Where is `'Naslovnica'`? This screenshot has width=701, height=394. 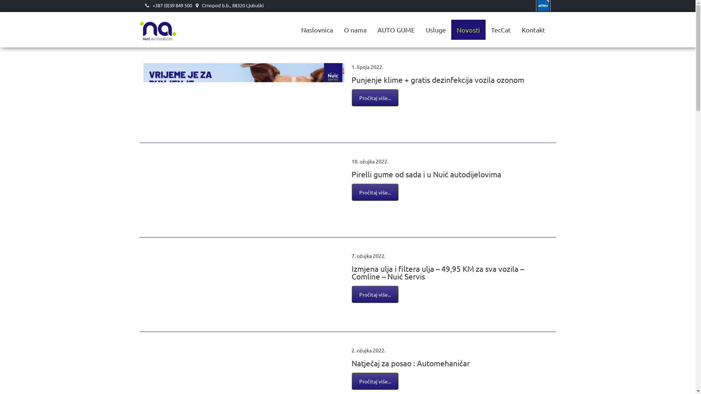 'Naslovnica' is located at coordinates (317, 29).